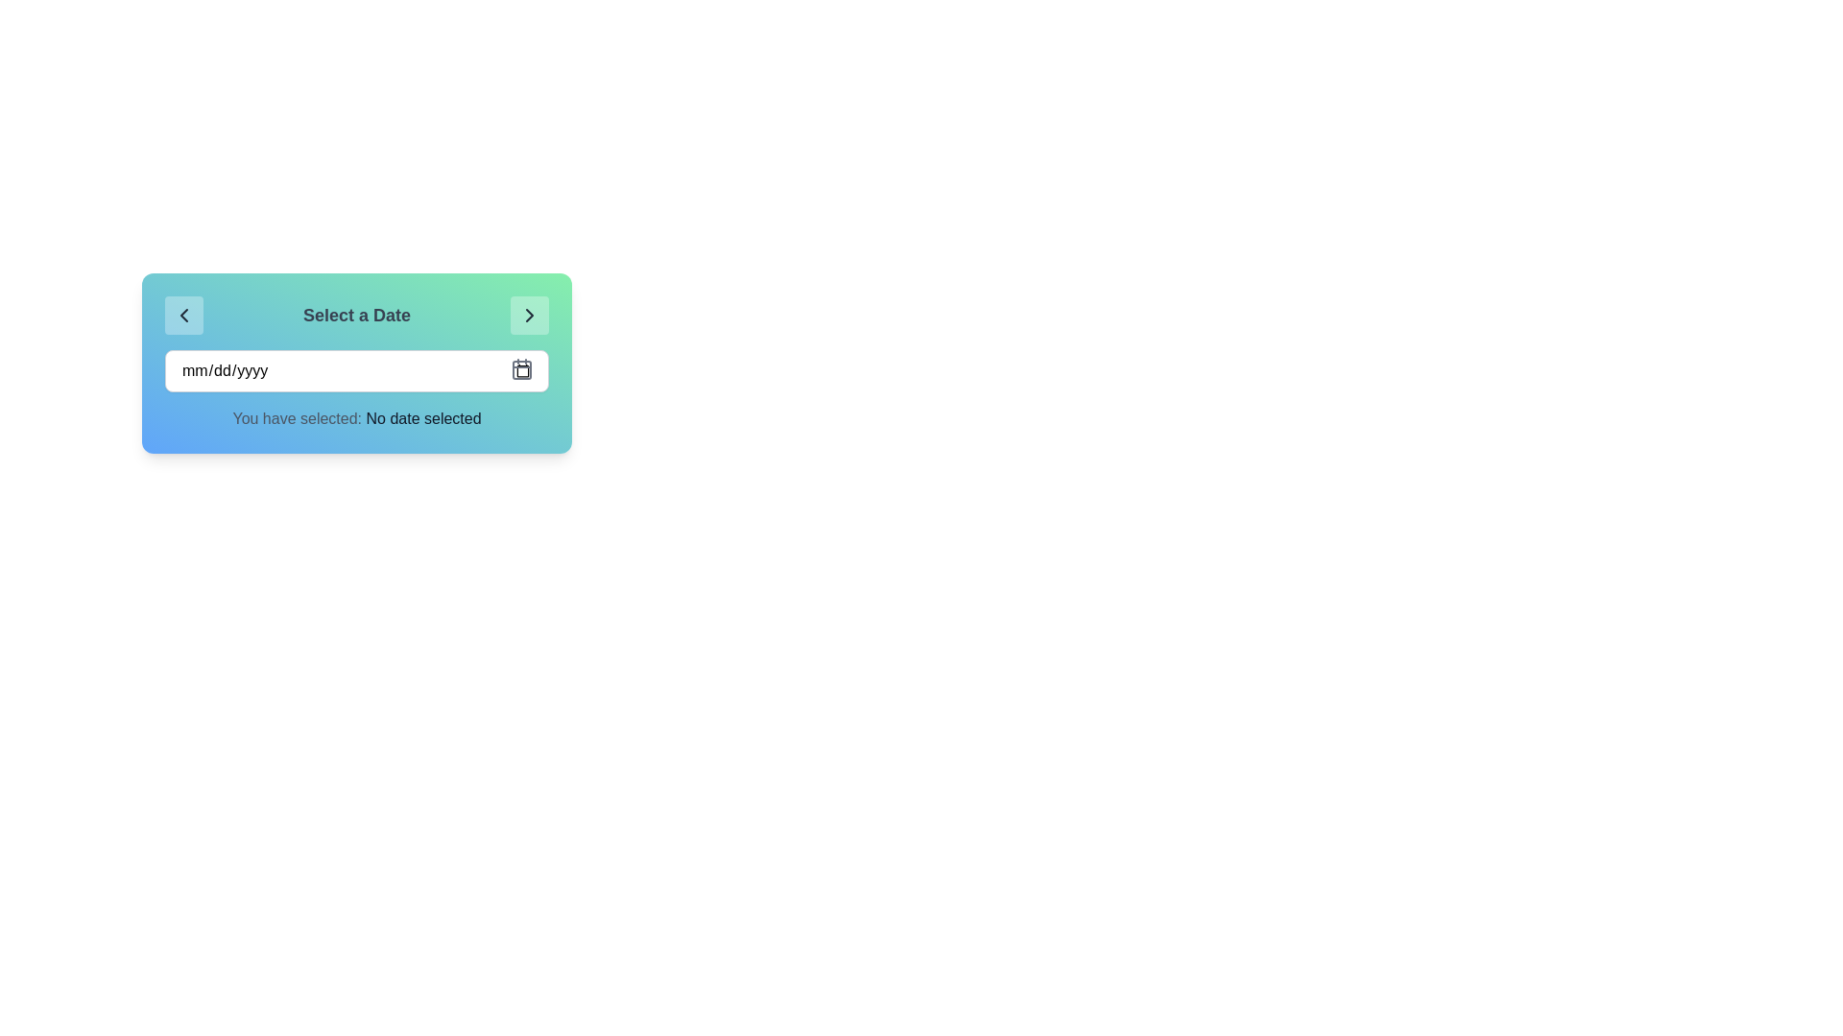 The width and height of the screenshot is (1843, 1036). What do you see at coordinates (530, 314) in the screenshot?
I see `the navigation button with a chevron icon located at the top-right corner of the date picker interface` at bounding box center [530, 314].